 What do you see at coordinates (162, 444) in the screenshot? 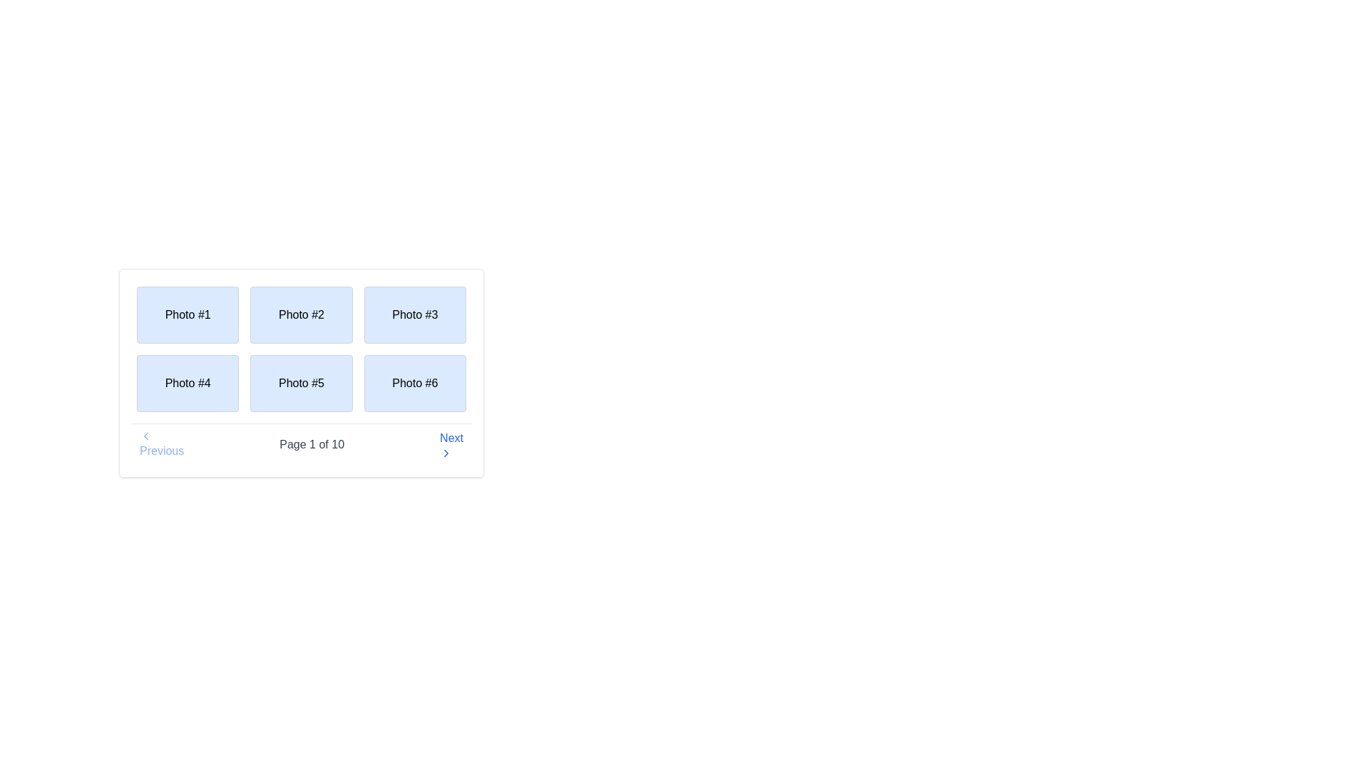
I see `the 'Previous' button in the pagination component, which is the first item in the navigation bar, located to the left of 'Page 1 of 10'` at bounding box center [162, 444].